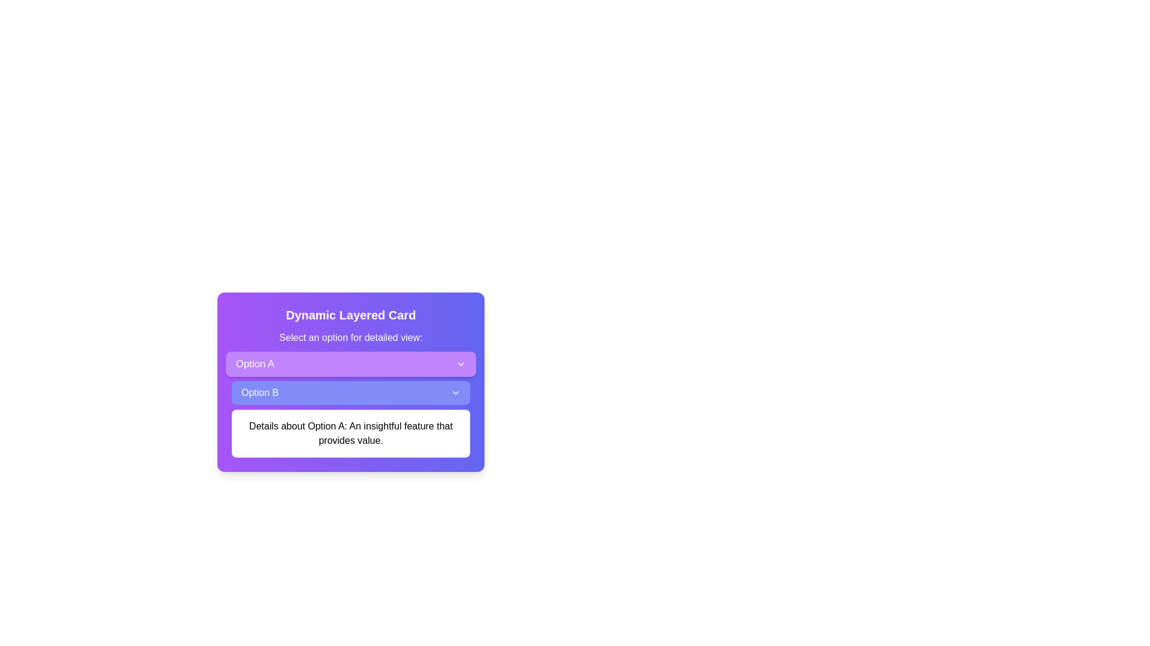 The height and width of the screenshot is (646, 1150). I want to click on the button labeled 'Option B' with a dropdown indicator, so click(350, 392).